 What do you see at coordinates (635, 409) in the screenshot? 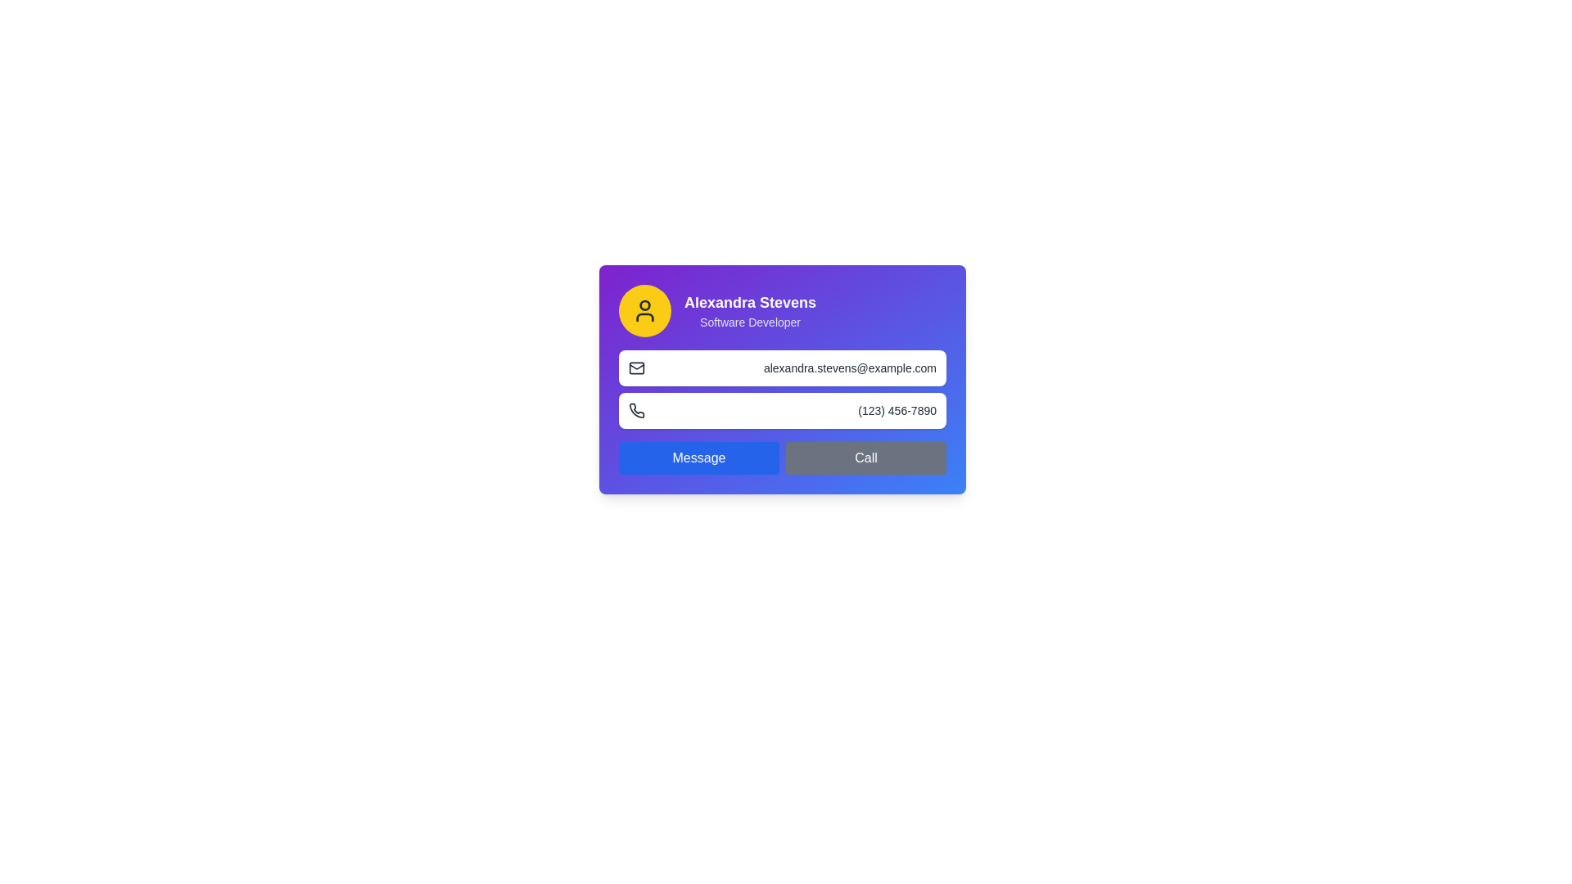
I see `the small monochromatic phone receiver graphic located next to the phone number '(123) 456-7890'` at bounding box center [635, 409].